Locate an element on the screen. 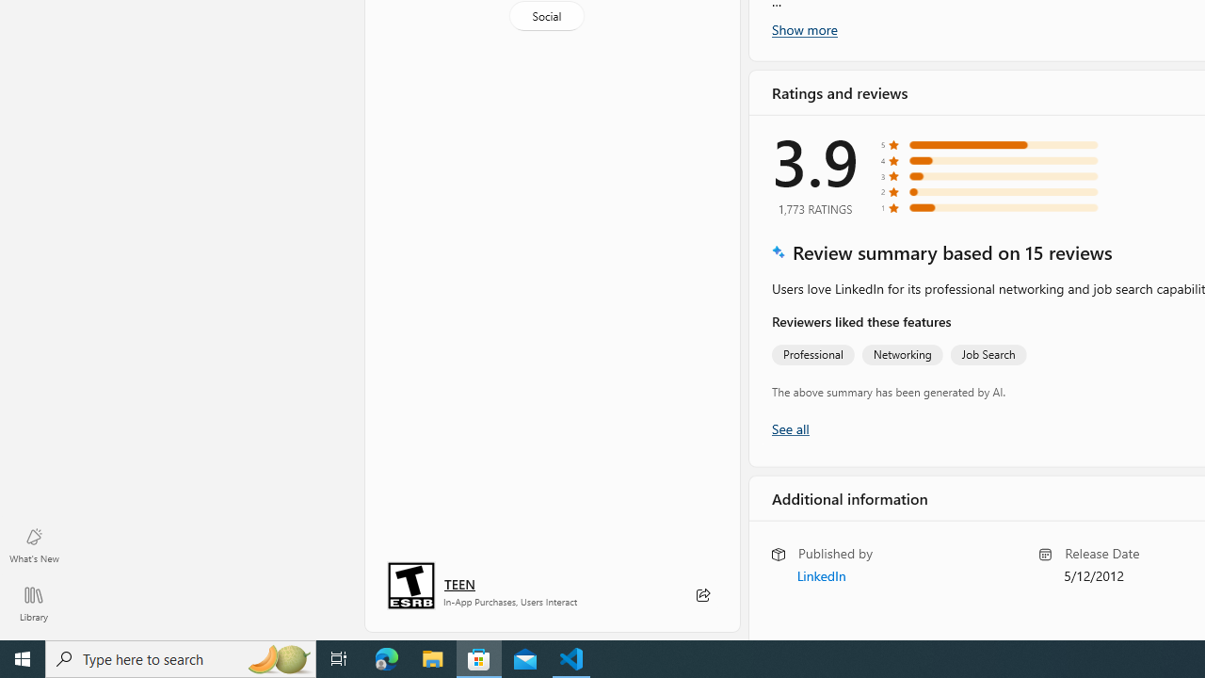 The width and height of the screenshot is (1205, 678). 'Library' is located at coordinates (33, 603).